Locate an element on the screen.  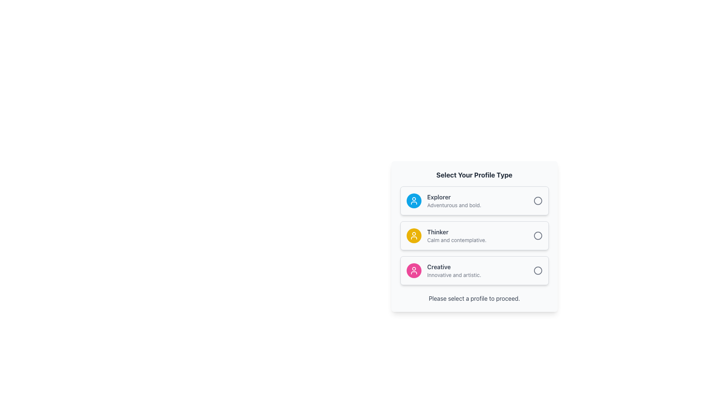
the second selectable list item labeled 'Thinker' under the heading 'Select Your Profile Type' is located at coordinates (474, 236).